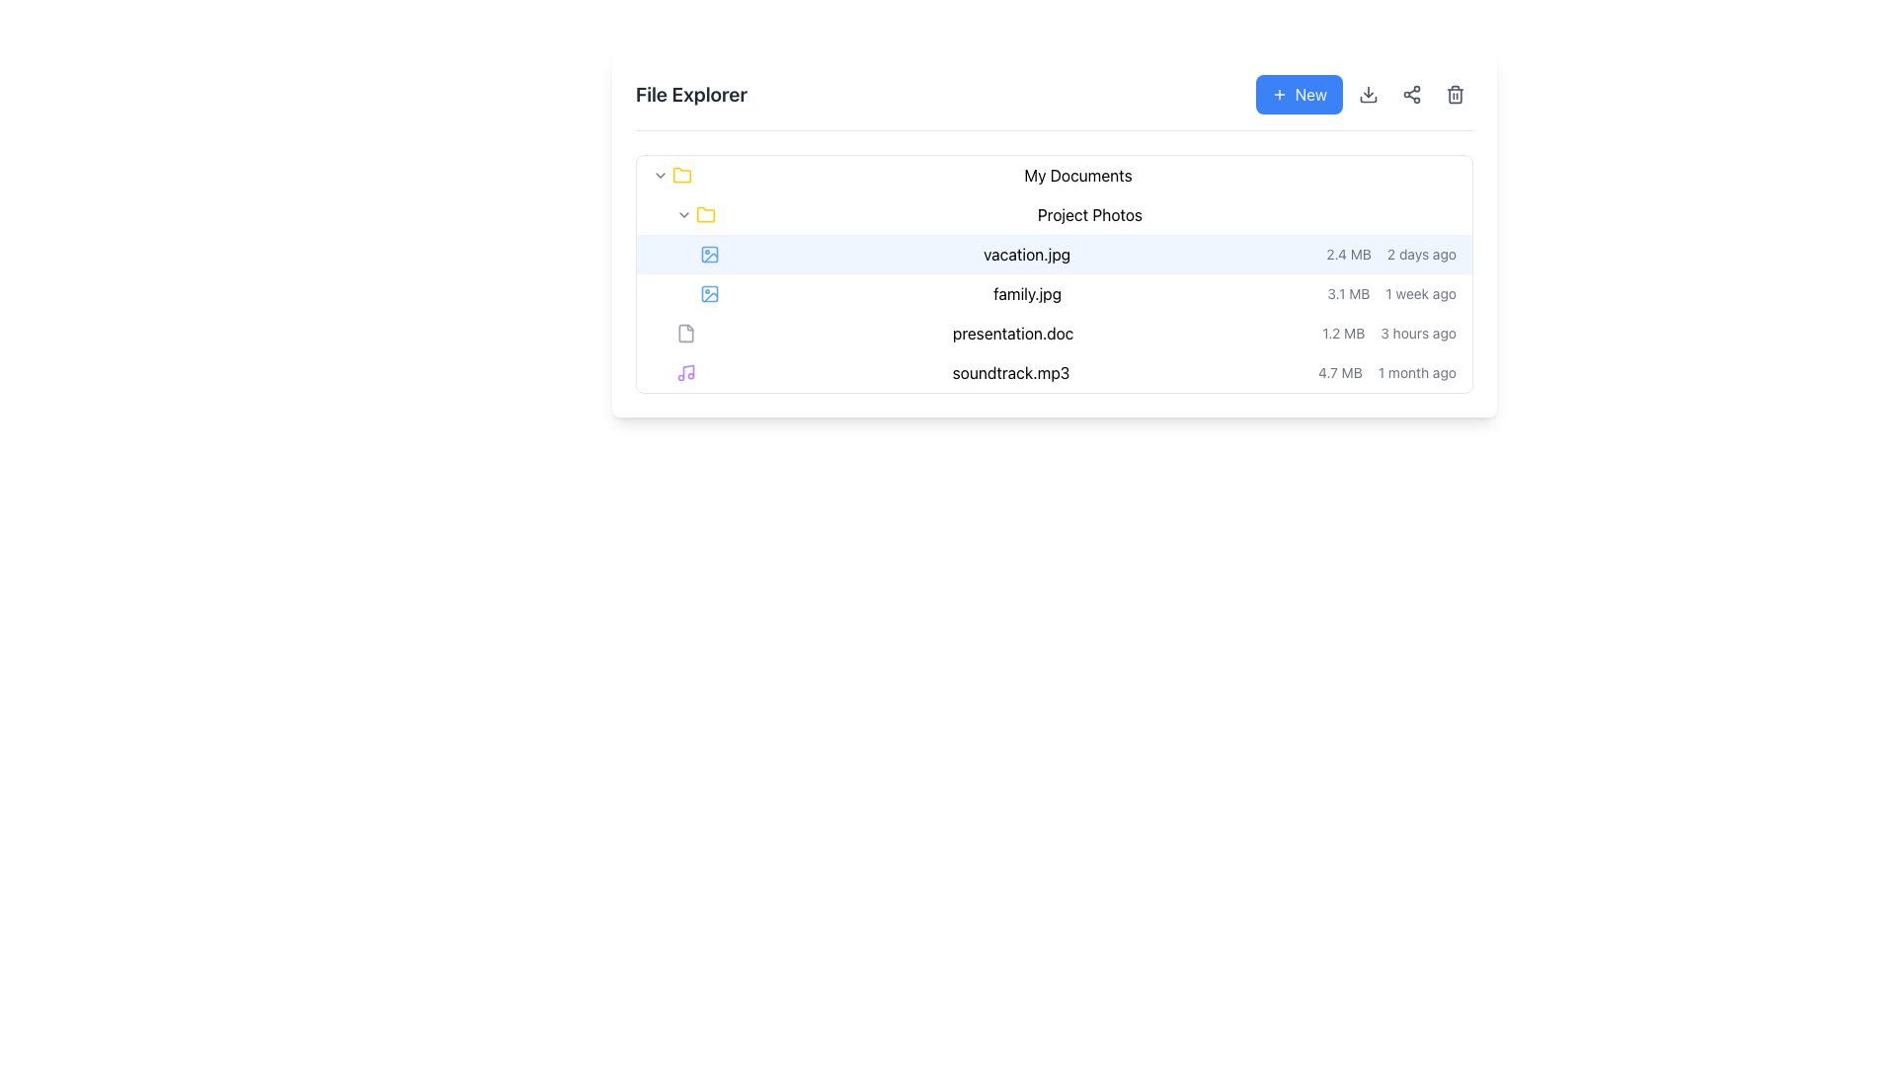 Image resolution: width=1896 pixels, height=1066 pixels. Describe the element at coordinates (1054, 293) in the screenshot. I see `the file entry row for 'family.jpg' located in the 'Project Photos' section` at that location.